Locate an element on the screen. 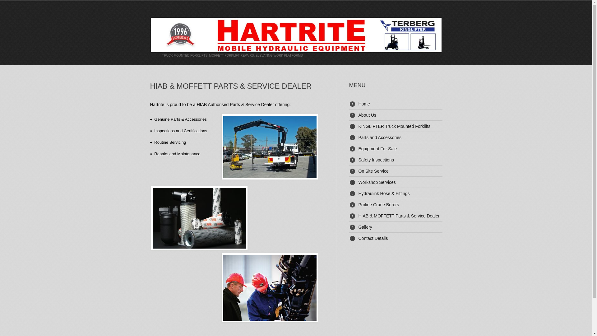 The image size is (597, 336). 'On Site Service' is located at coordinates (373, 171).